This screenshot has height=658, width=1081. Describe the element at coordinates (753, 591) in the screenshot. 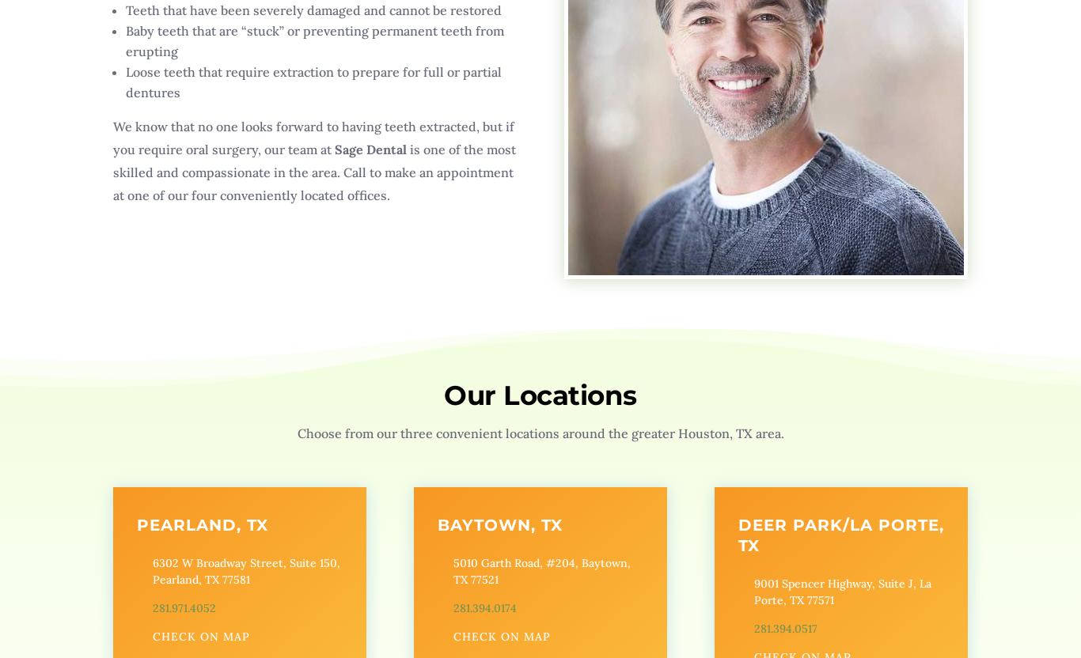

I see `'9001 Spencer Highway, Suite J, La Porte, TX 77571'` at that location.